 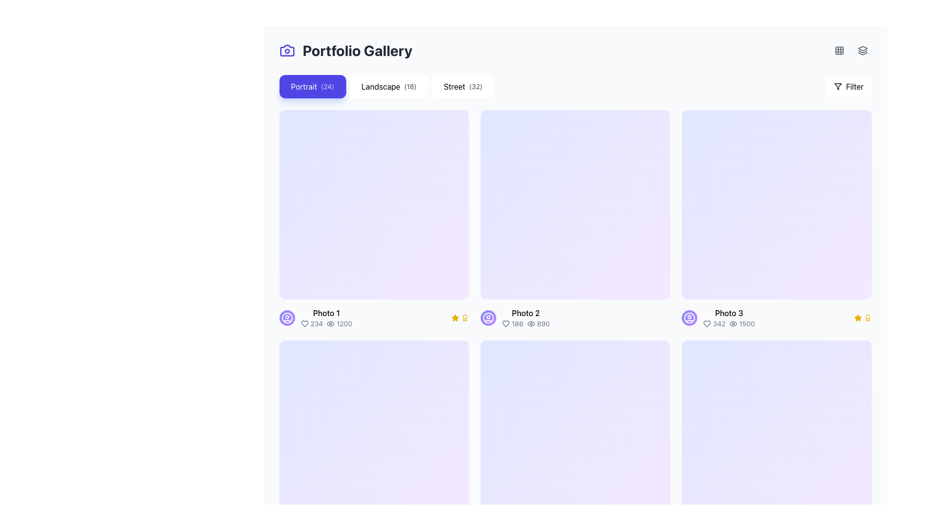 What do you see at coordinates (286, 318) in the screenshot?
I see `the circular graphical icon with a gradient background and a white user profile icon` at bounding box center [286, 318].